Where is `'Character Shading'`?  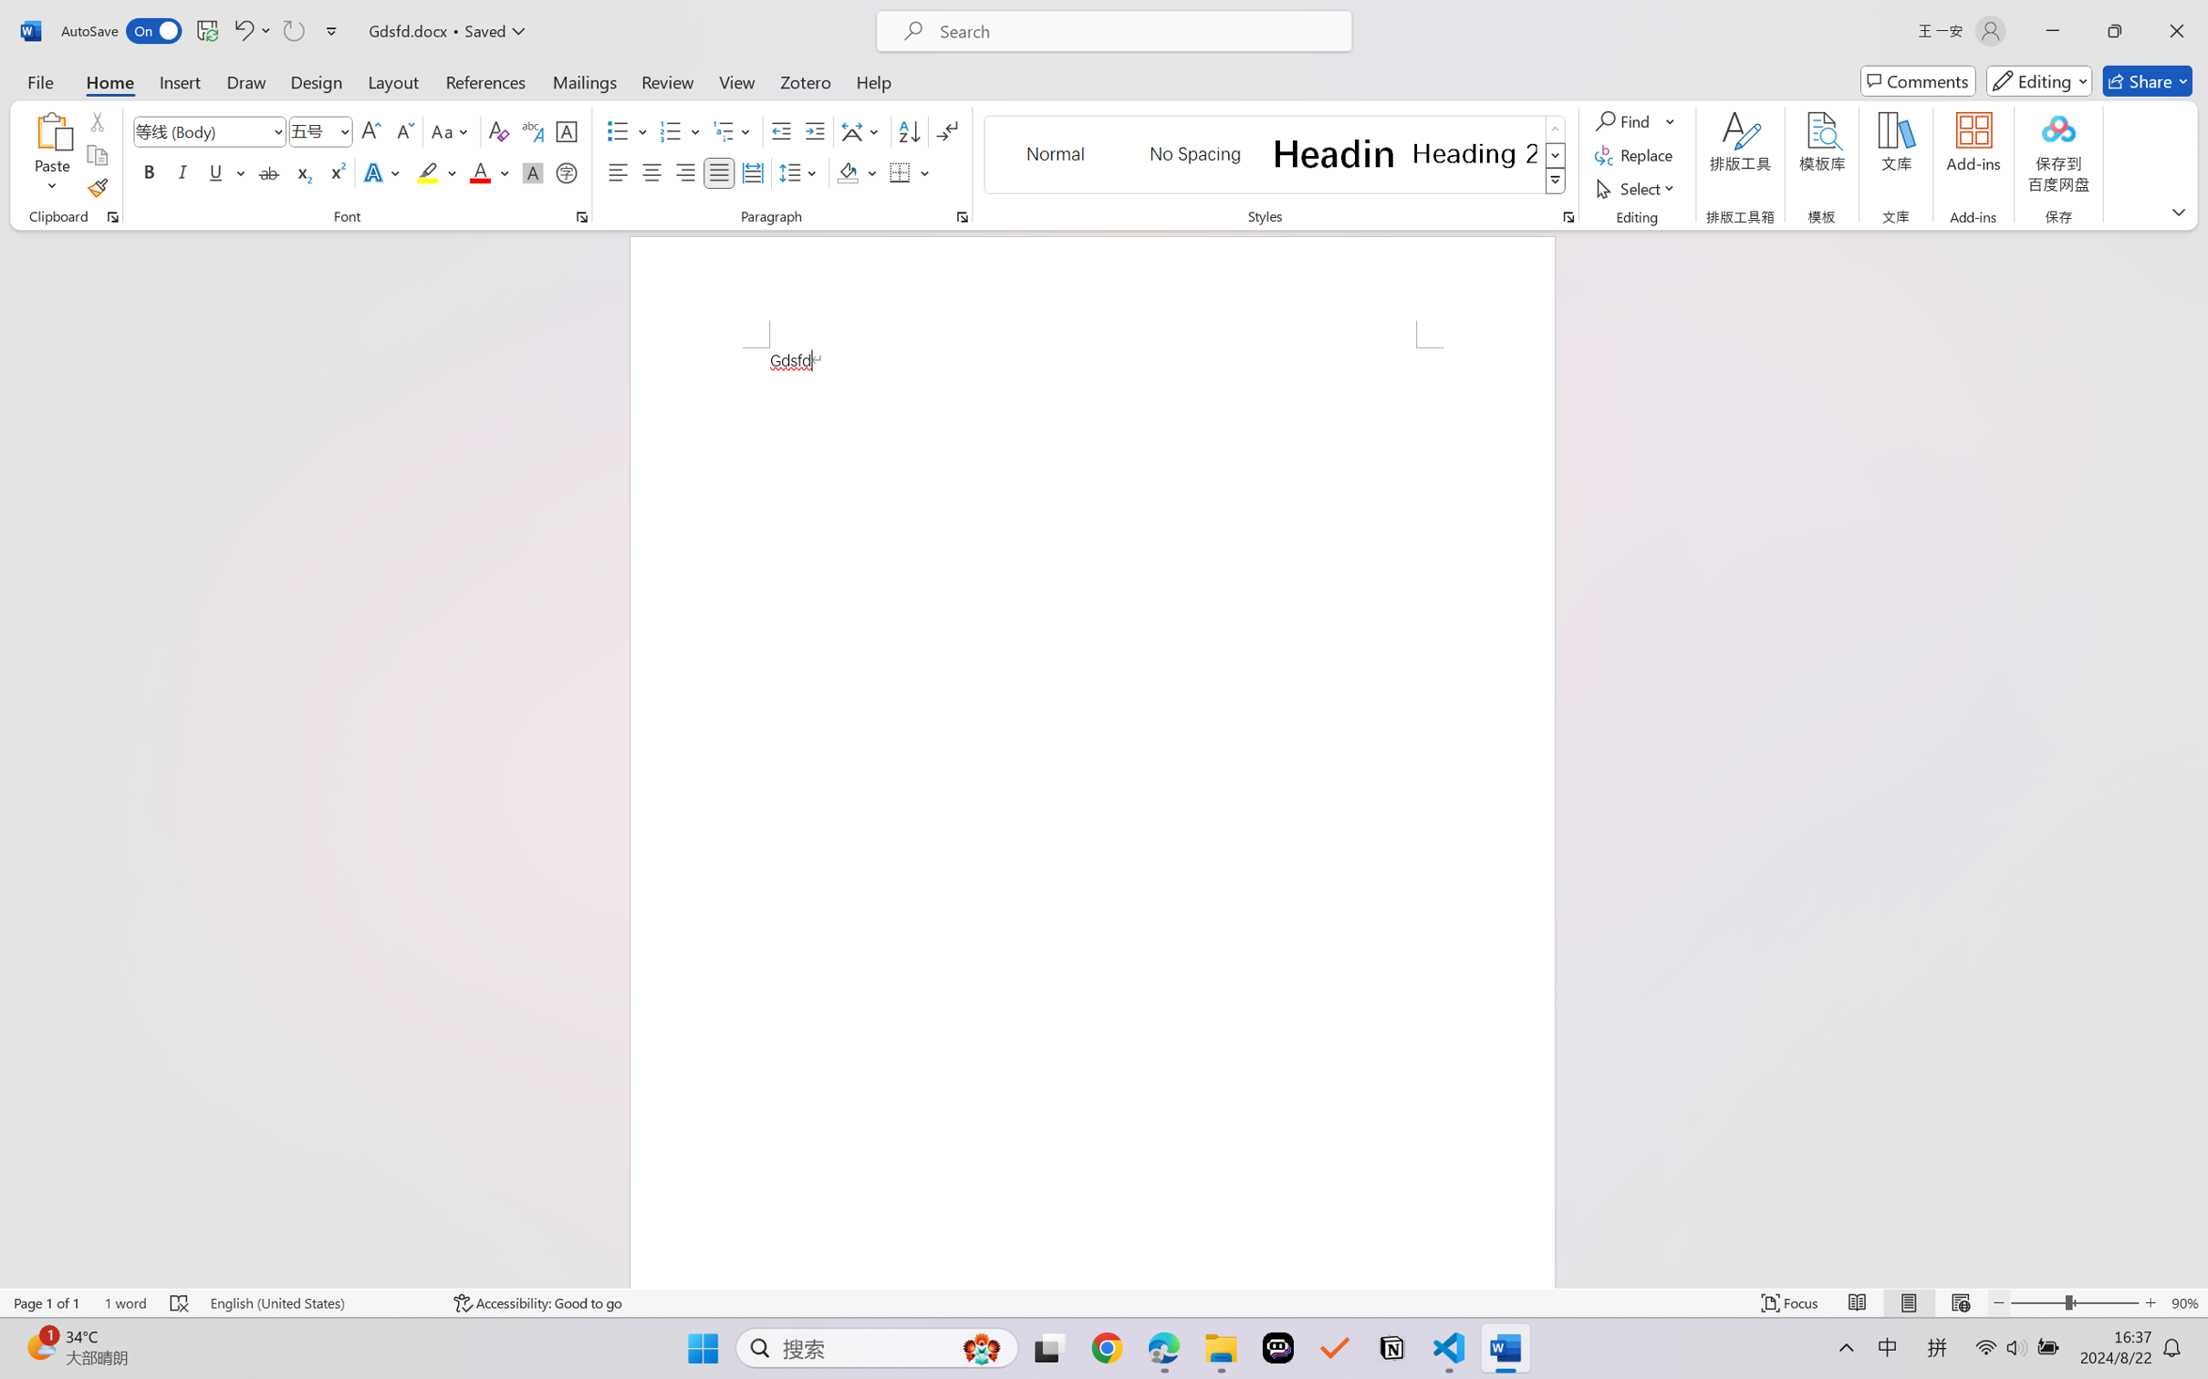 'Character Shading' is located at coordinates (530, 171).